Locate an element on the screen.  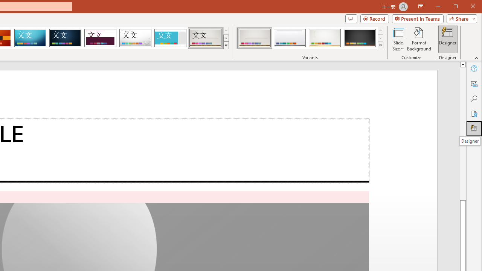
'Droplet' is located at coordinates (135, 38).